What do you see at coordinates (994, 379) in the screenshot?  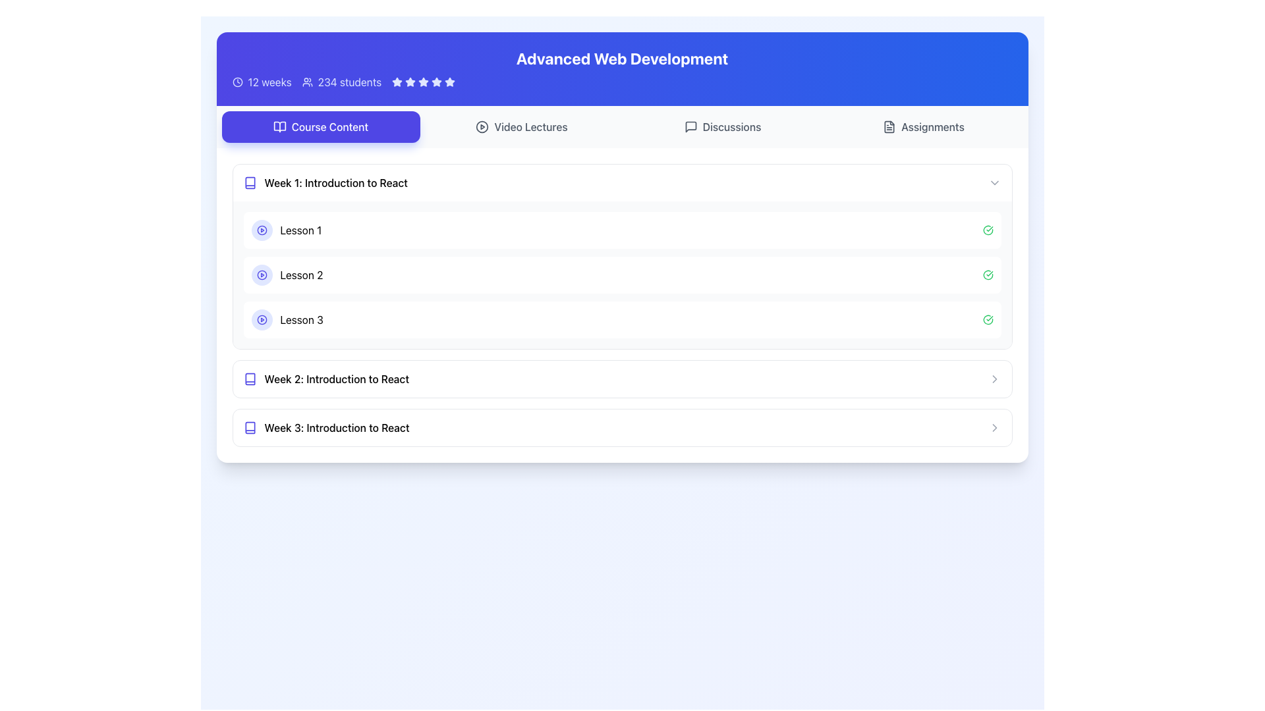 I see `the right-pointing arrow icon located to the right of the section title for 'Week 3: Introduction to React'` at bounding box center [994, 379].